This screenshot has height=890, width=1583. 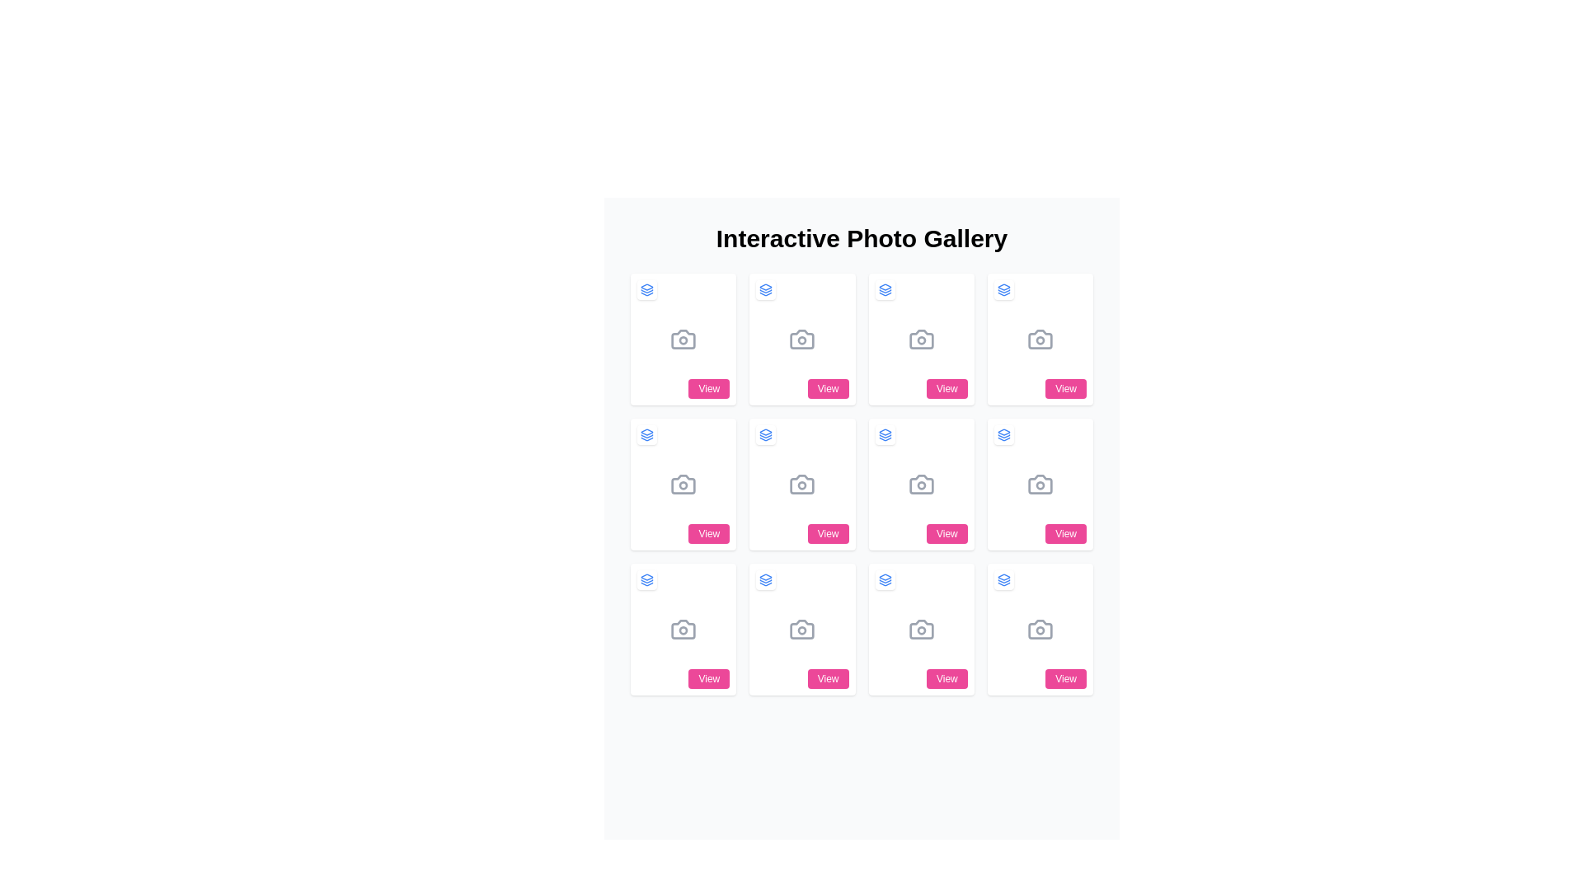 I want to click on the camera icon located in the third grid cell of the first row, beneath the title 'Interactive Photo Gallery', which serves as a visual representation for photo-related functions, so click(x=920, y=339).